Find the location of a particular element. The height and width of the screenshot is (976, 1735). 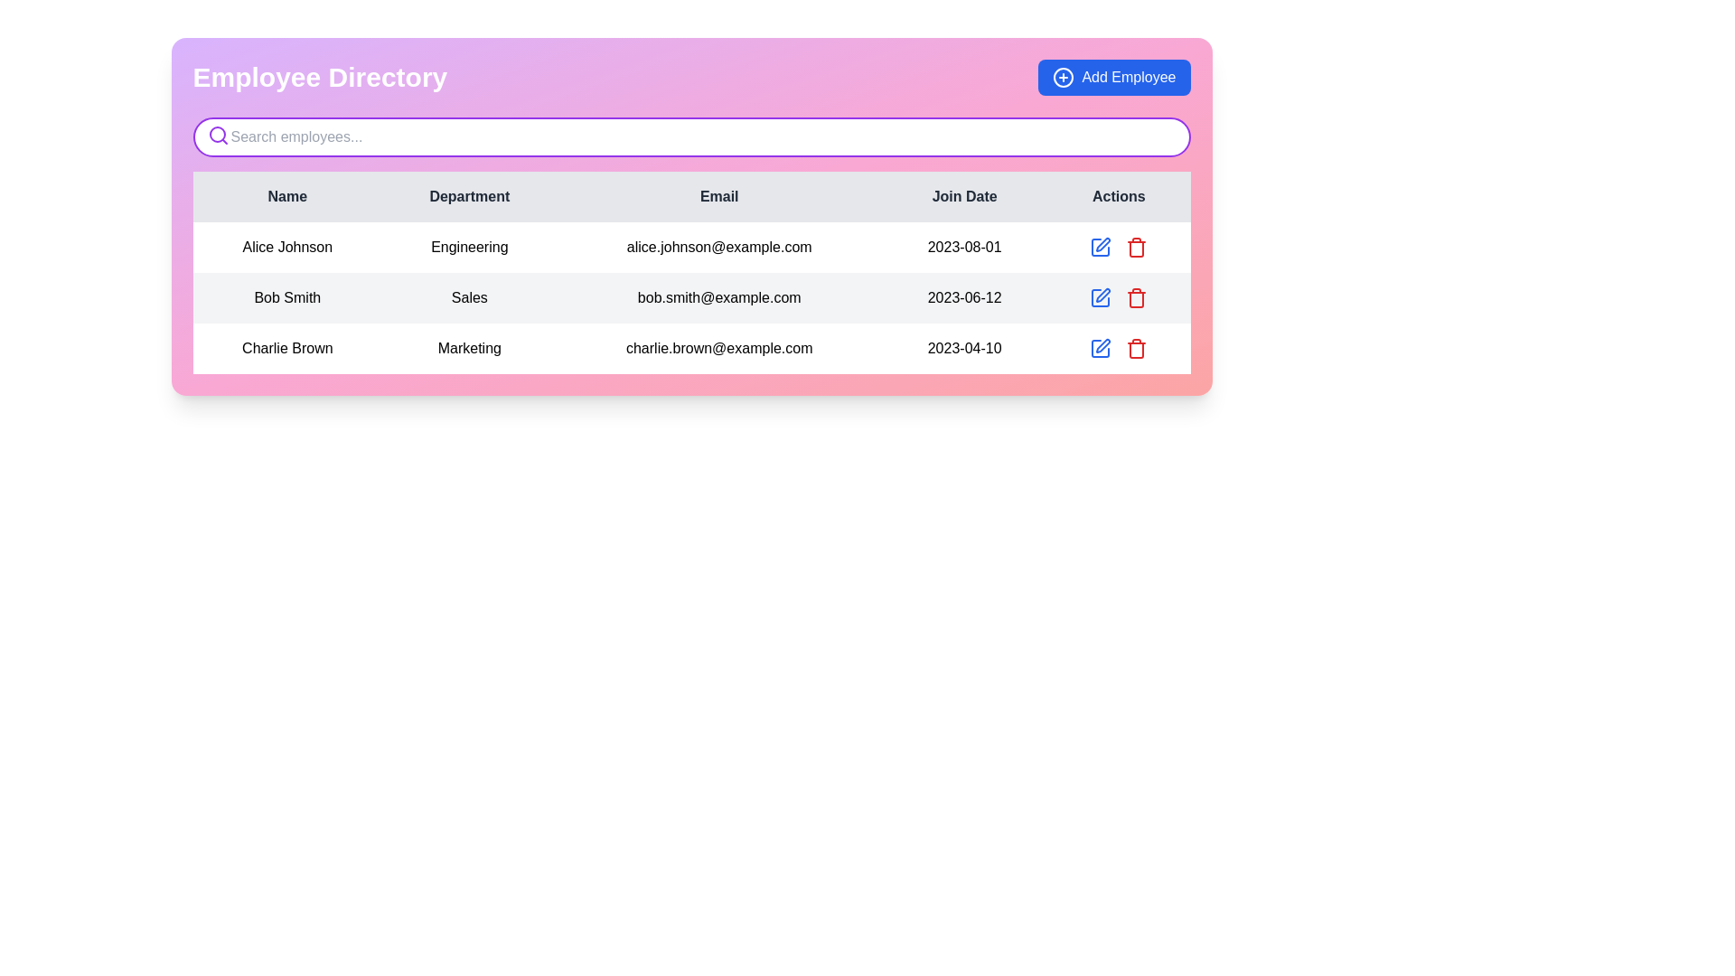

the 'Join Date' header label, which is the fourth column header in the table layout, positioned between 'Email' and 'Actions' is located at coordinates (963, 197).